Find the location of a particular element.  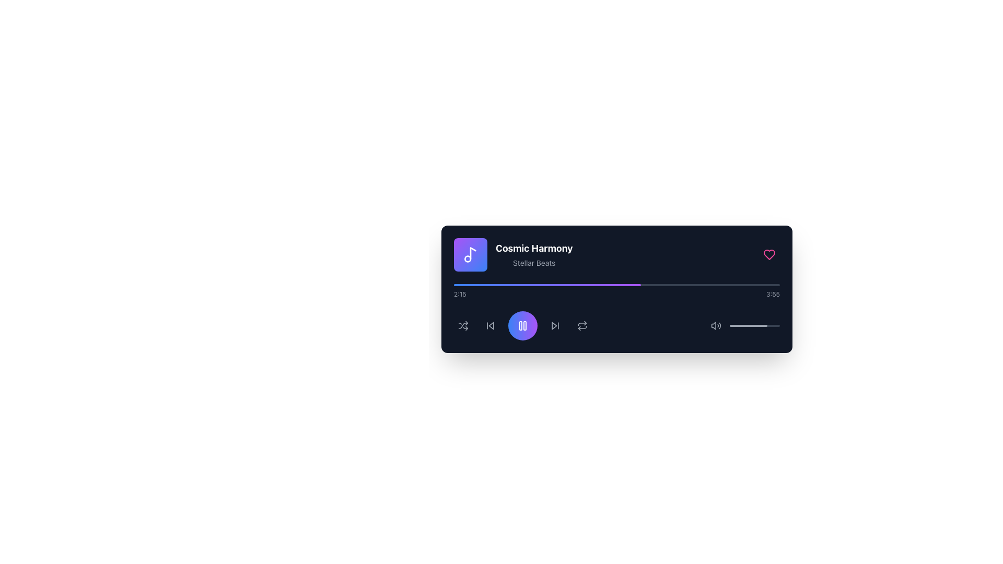

the circular repeat action button with a dark background and a gray icon that transitions to white on hover, enabling keyboard interaction is located at coordinates (581, 325).